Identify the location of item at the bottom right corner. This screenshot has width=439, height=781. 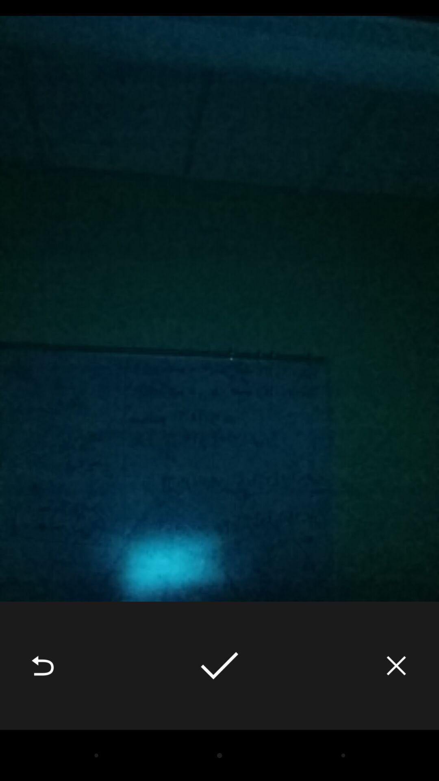
(396, 665).